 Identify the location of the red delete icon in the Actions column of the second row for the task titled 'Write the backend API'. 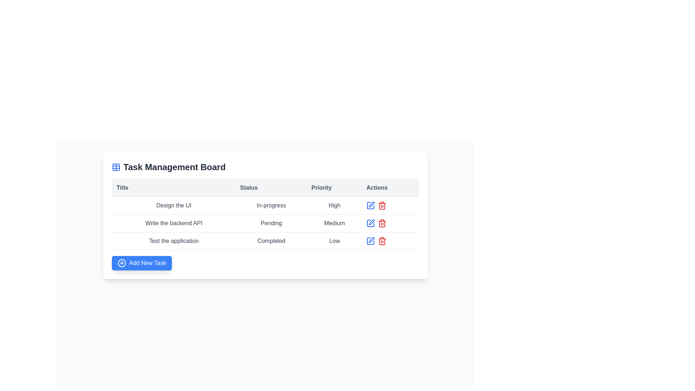
(390, 223).